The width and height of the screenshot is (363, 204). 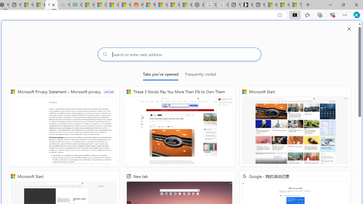 What do you see at coordinates (349, 29) in the screenshot?
I see `'Close split screen'` at bounding box center [349, 29].